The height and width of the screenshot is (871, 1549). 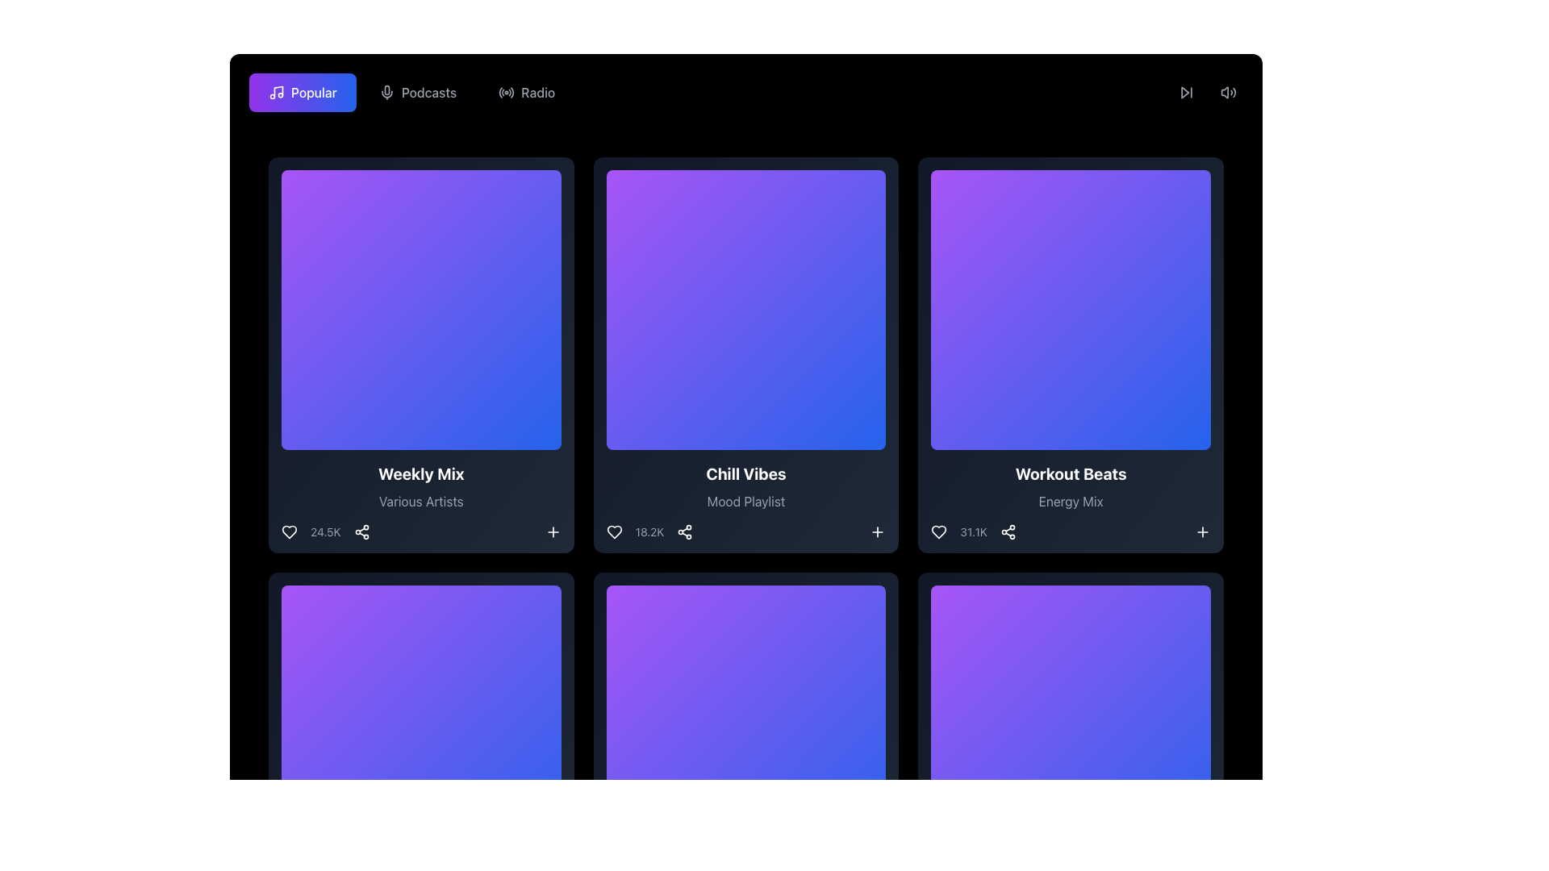 I want to click on title and subtitle of the 'Workout Beats' playlist card, which is located at the bottom-center of the card in the grid layout, so click(x=1071, y=500).